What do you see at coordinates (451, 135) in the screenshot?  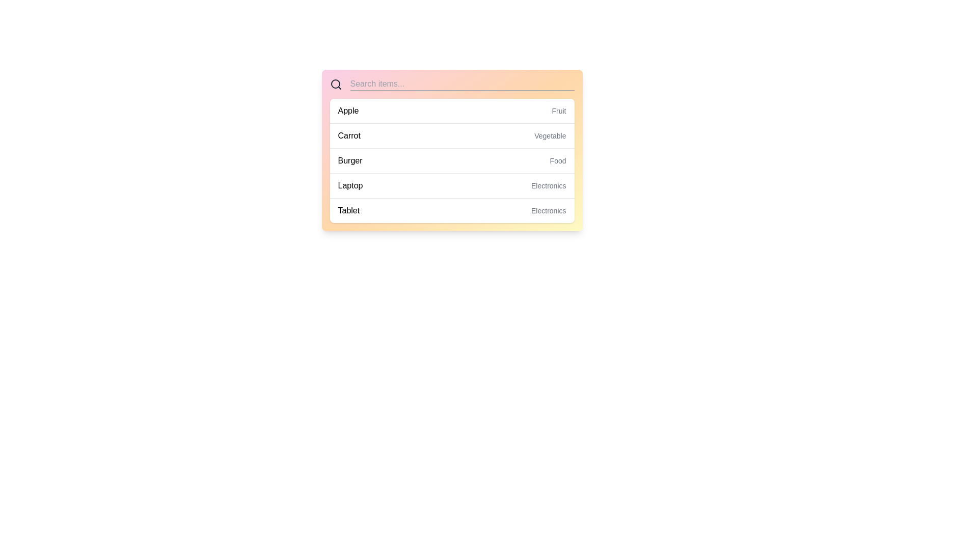 I see `the List item displaying 'Carrot' on the left and 'Vegetable' on the right, which is the second row in the vertically stacked list` at bounding box center [451, 135].